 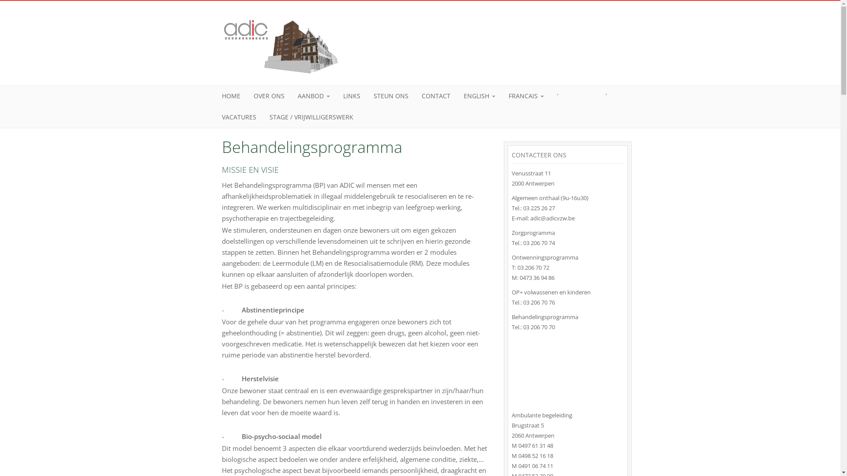 I want to click on 'LINKS', so click(x=336, y=96).